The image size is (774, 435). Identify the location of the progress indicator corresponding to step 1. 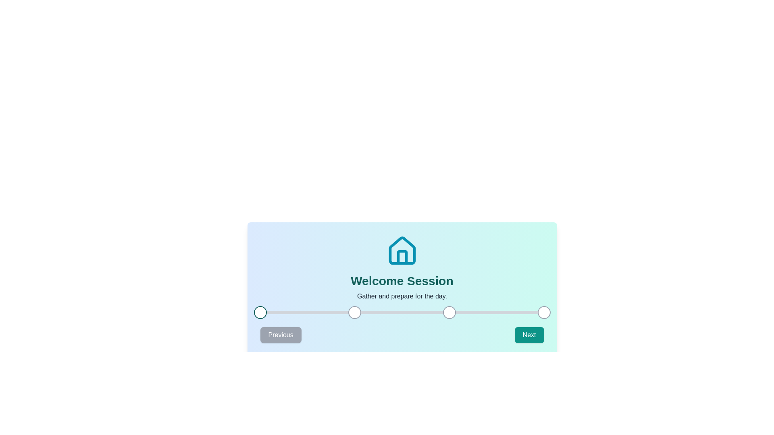
(260, 312).